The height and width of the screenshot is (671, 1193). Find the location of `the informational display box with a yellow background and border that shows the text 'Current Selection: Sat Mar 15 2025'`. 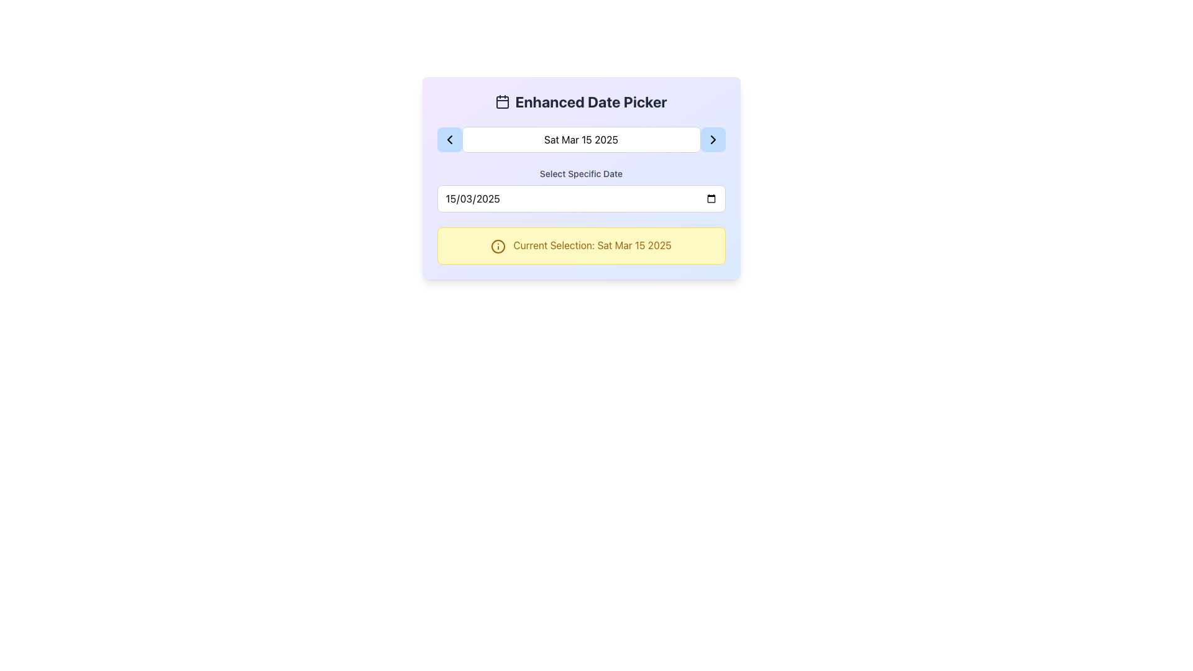

the informational display box with a yellow background and border that shows the text 'Current Selection: Sat Mar 15 2025' is located at coordinates (580, 245).